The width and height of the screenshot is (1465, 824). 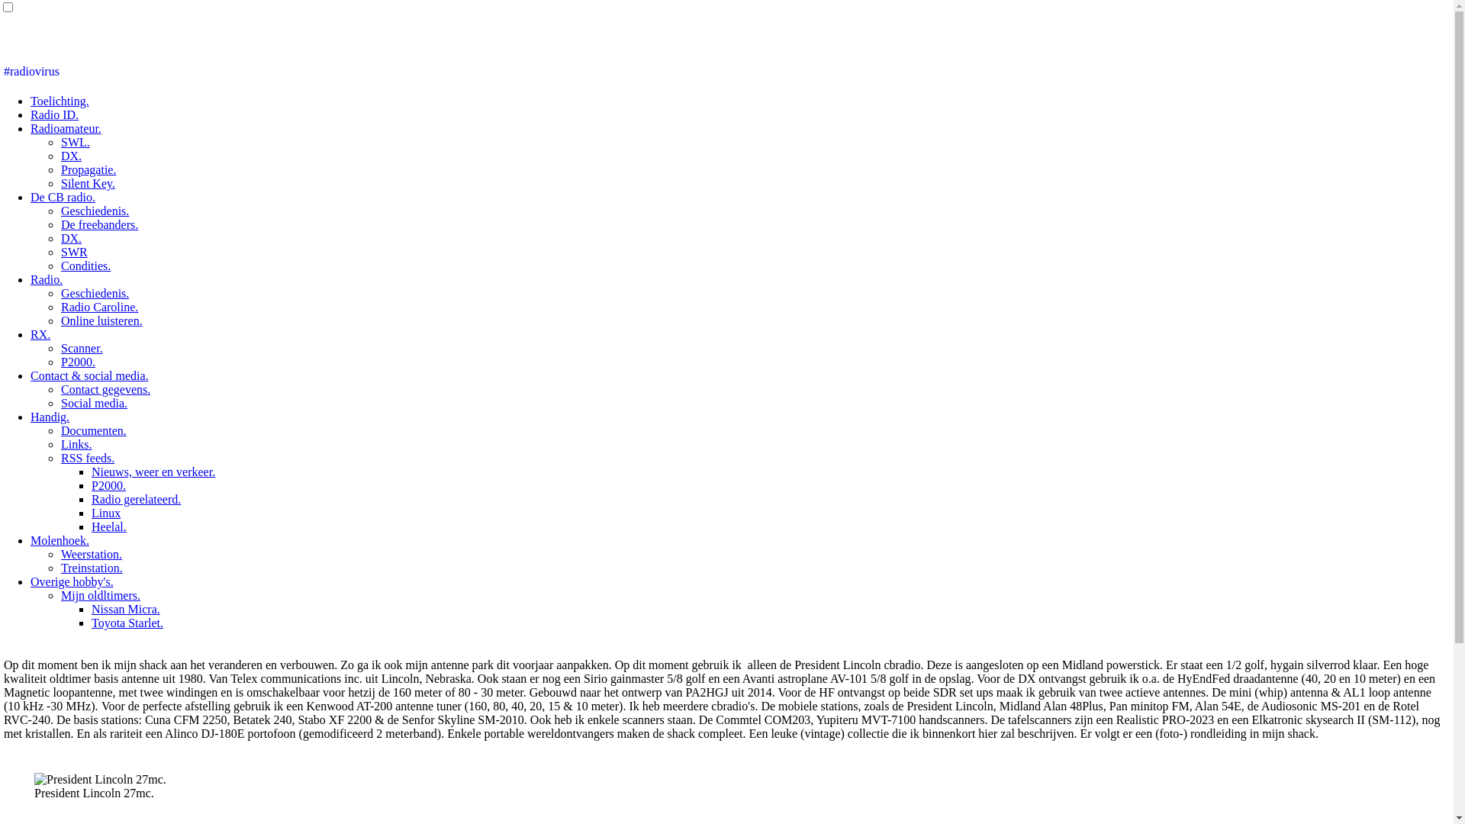 What do you see at coordinates (61, 224) in the screenshot?
I see `'De freebanders.'` at bounding box center [61, 224].